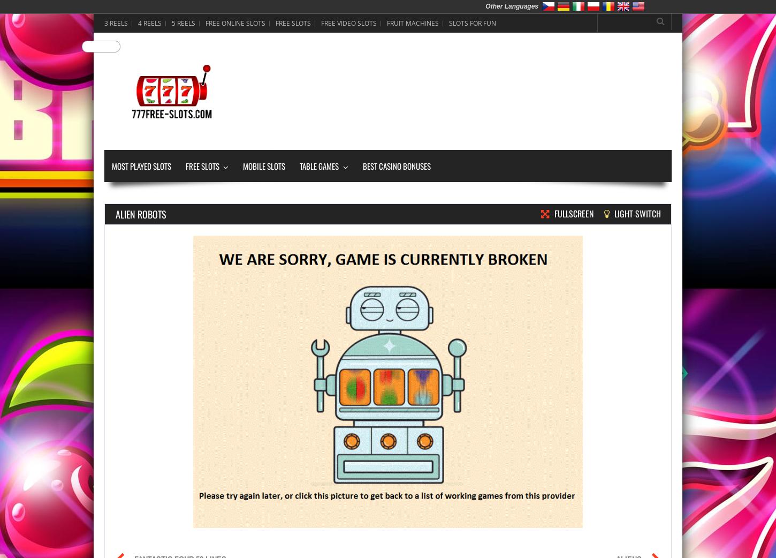  I want to click on 'Mobile Slots', so click(264, 165).